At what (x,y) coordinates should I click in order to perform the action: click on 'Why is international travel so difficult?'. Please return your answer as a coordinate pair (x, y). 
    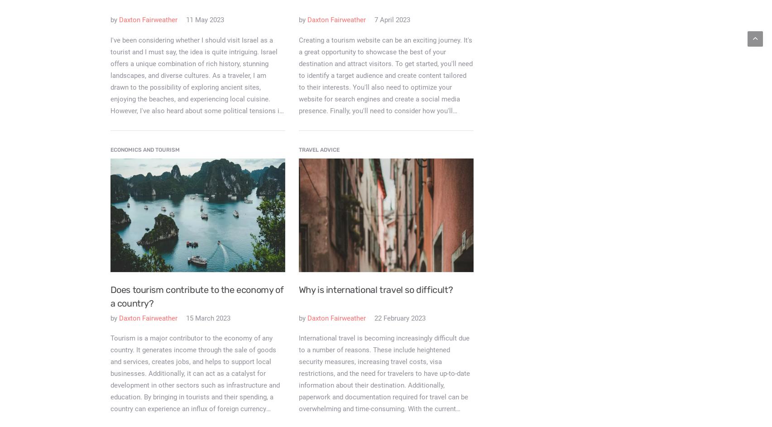
    Looking at the image, I should click on (298, 289).